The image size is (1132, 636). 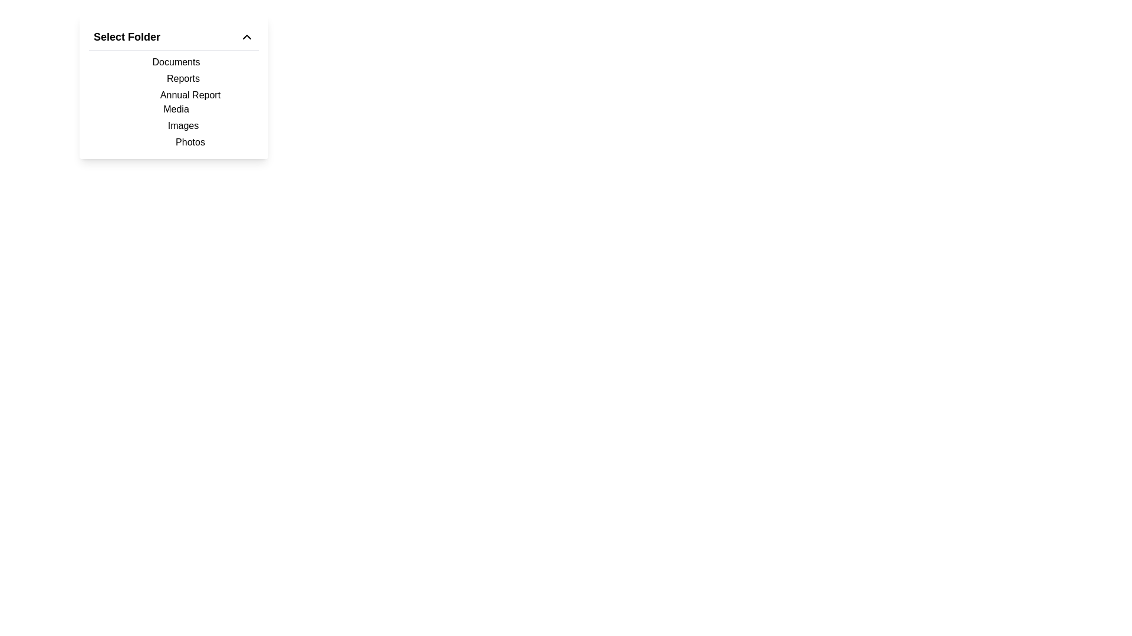 What do you see at coordinates (173, 86) in the screenshot?
I see `the second option in the 'Select Folder' dropdown list, which is a selectable text label under 'Documents' and above 'Annual Report'` at bounding box center [173, 86].